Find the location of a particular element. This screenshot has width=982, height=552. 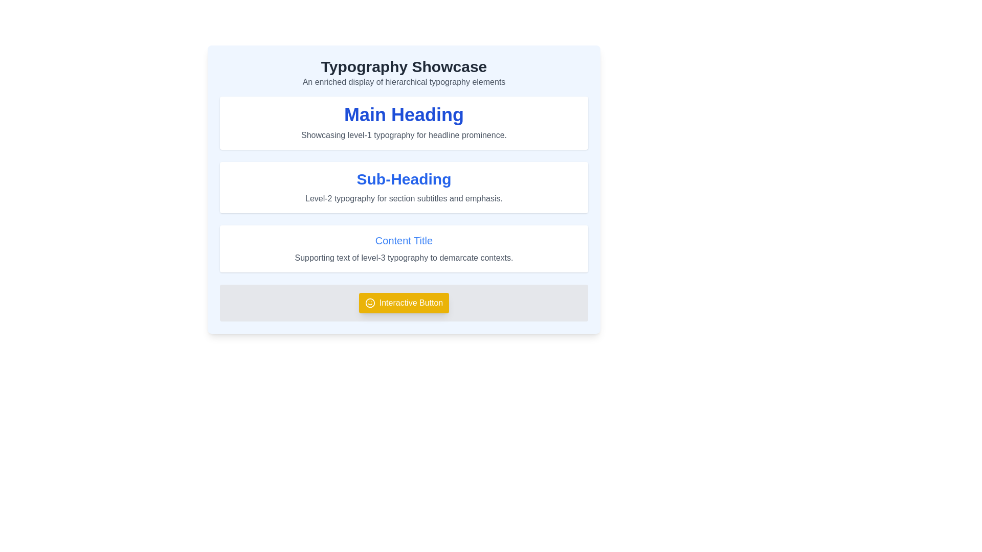

the supporting text element styled in gray, located below 'Content Title' within a white background card is located at coordinates (404, 258).